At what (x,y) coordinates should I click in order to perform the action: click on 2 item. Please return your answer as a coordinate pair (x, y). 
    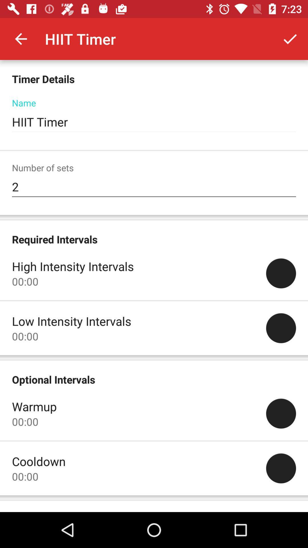
    Looking at the image, I should click on (154, 187).